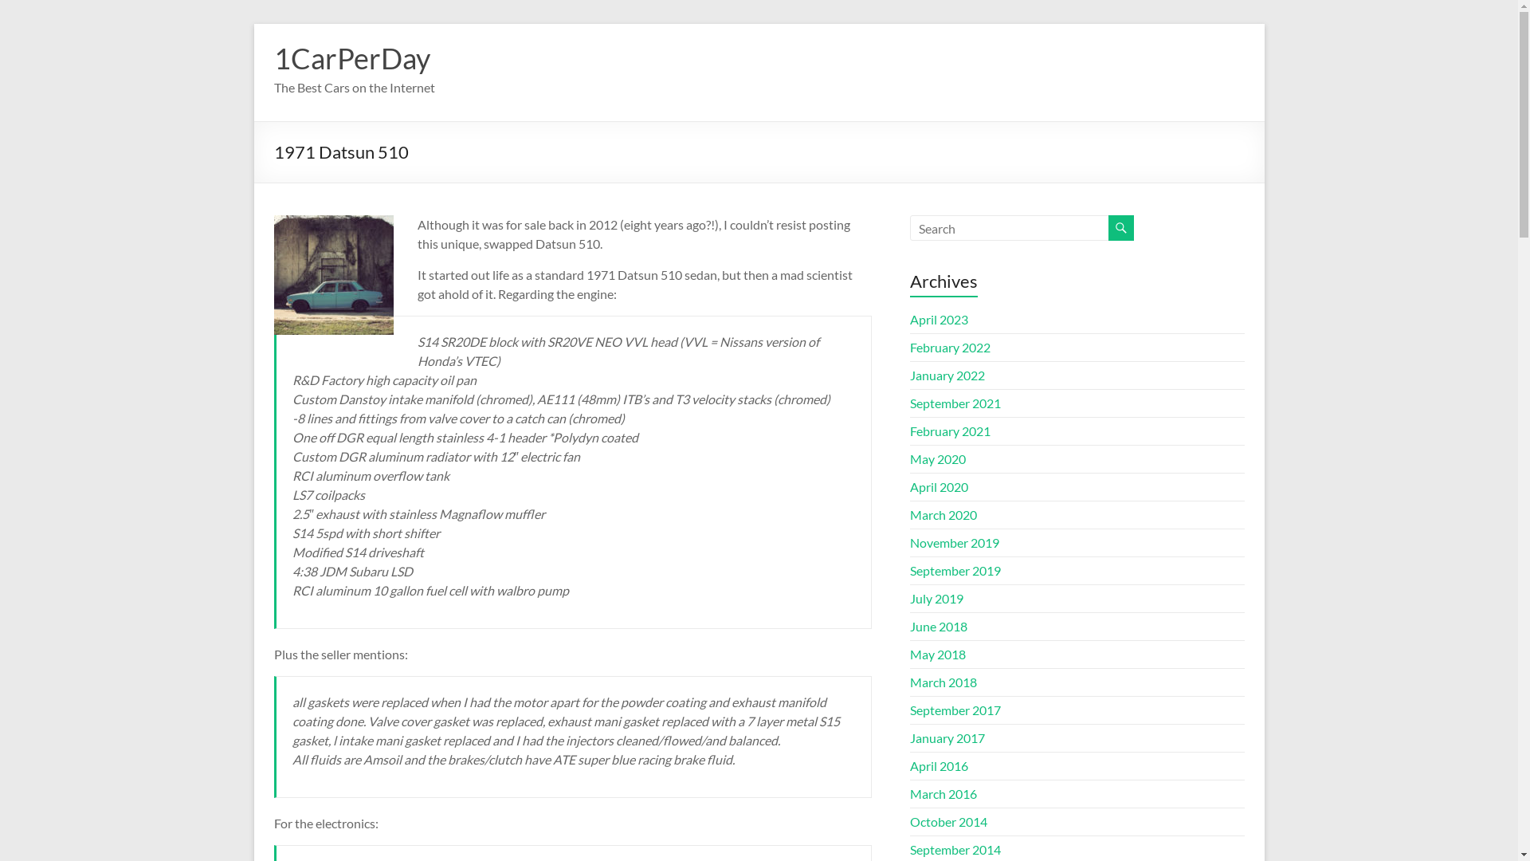  What do you see at coordinates (955, 402) in the screenshot?
I see `'September 2021'` at bounding box center [955, 402].